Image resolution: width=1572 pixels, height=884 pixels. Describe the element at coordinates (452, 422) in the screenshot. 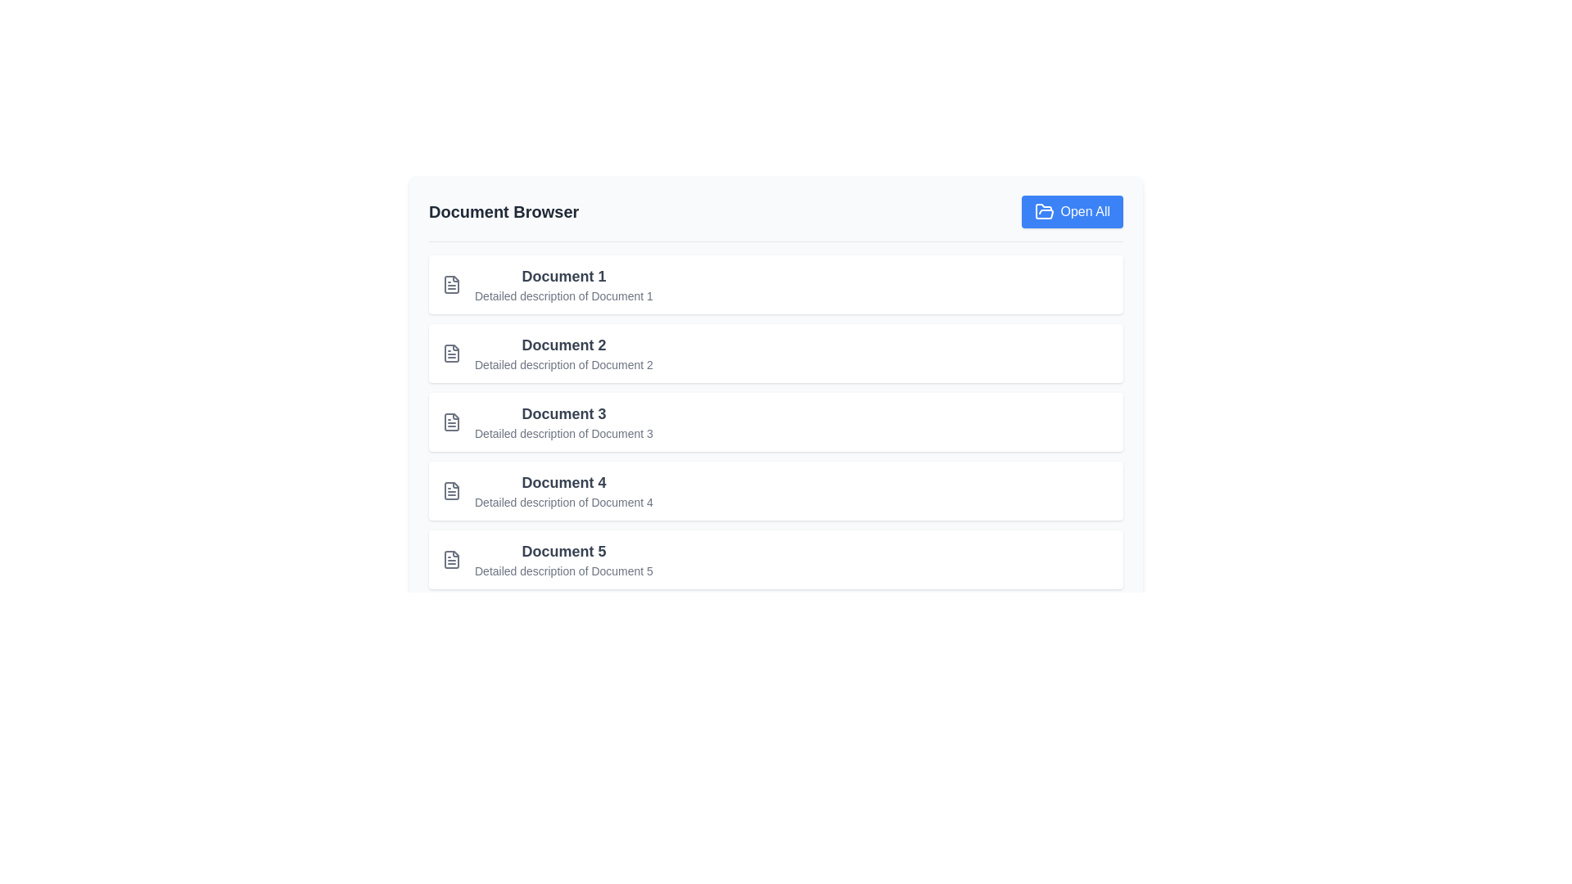

I see `the main document icon of the third list item in the document list, located next to the text 'Document 3'` at that location.